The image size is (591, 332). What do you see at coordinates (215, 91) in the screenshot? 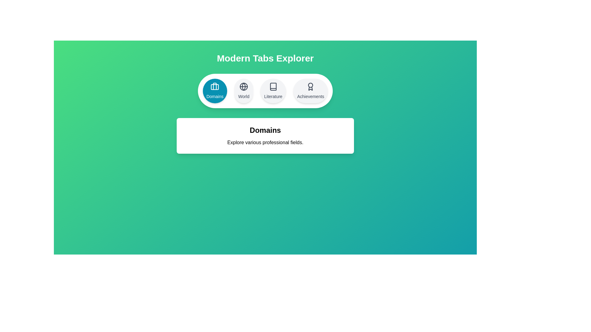
I see `the button labeled Domains to observe its hover effect` at bounding box center [215, 91].